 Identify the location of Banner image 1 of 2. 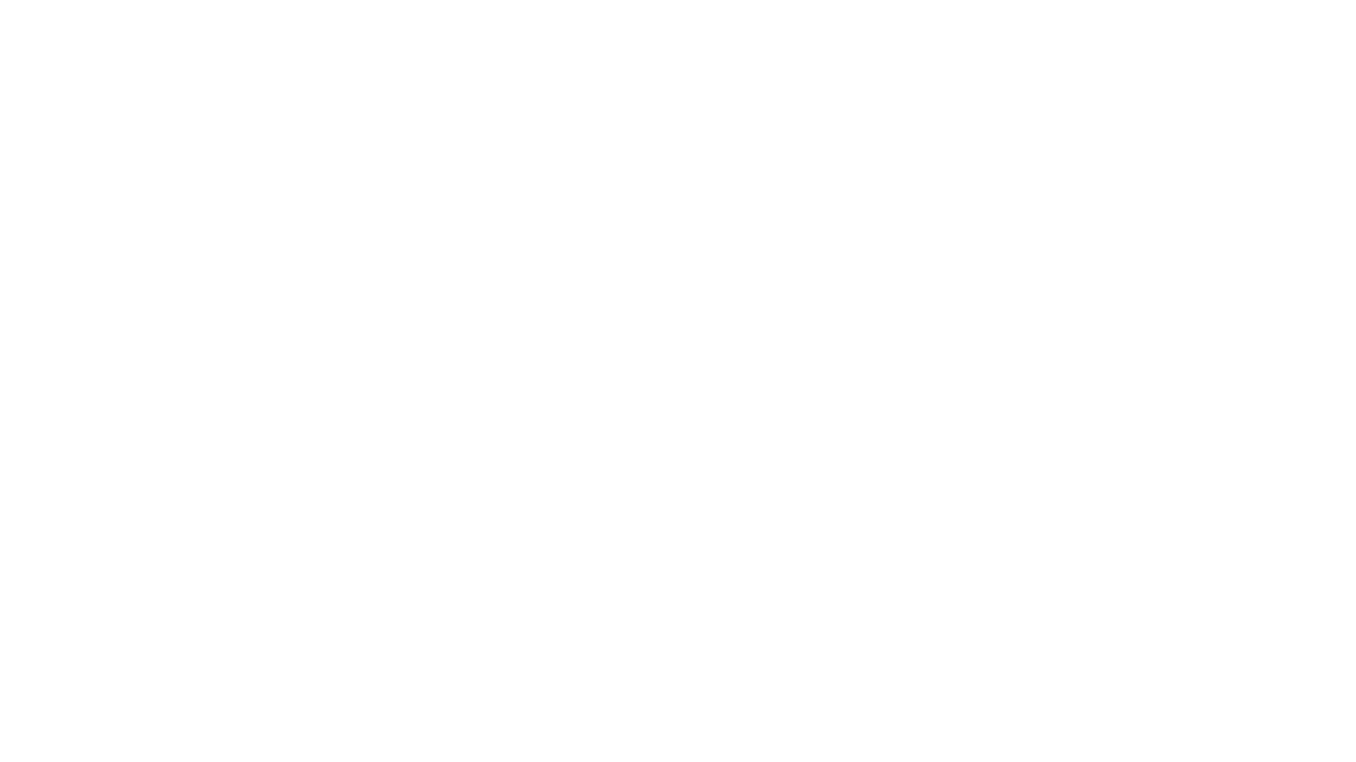
(294, 97).